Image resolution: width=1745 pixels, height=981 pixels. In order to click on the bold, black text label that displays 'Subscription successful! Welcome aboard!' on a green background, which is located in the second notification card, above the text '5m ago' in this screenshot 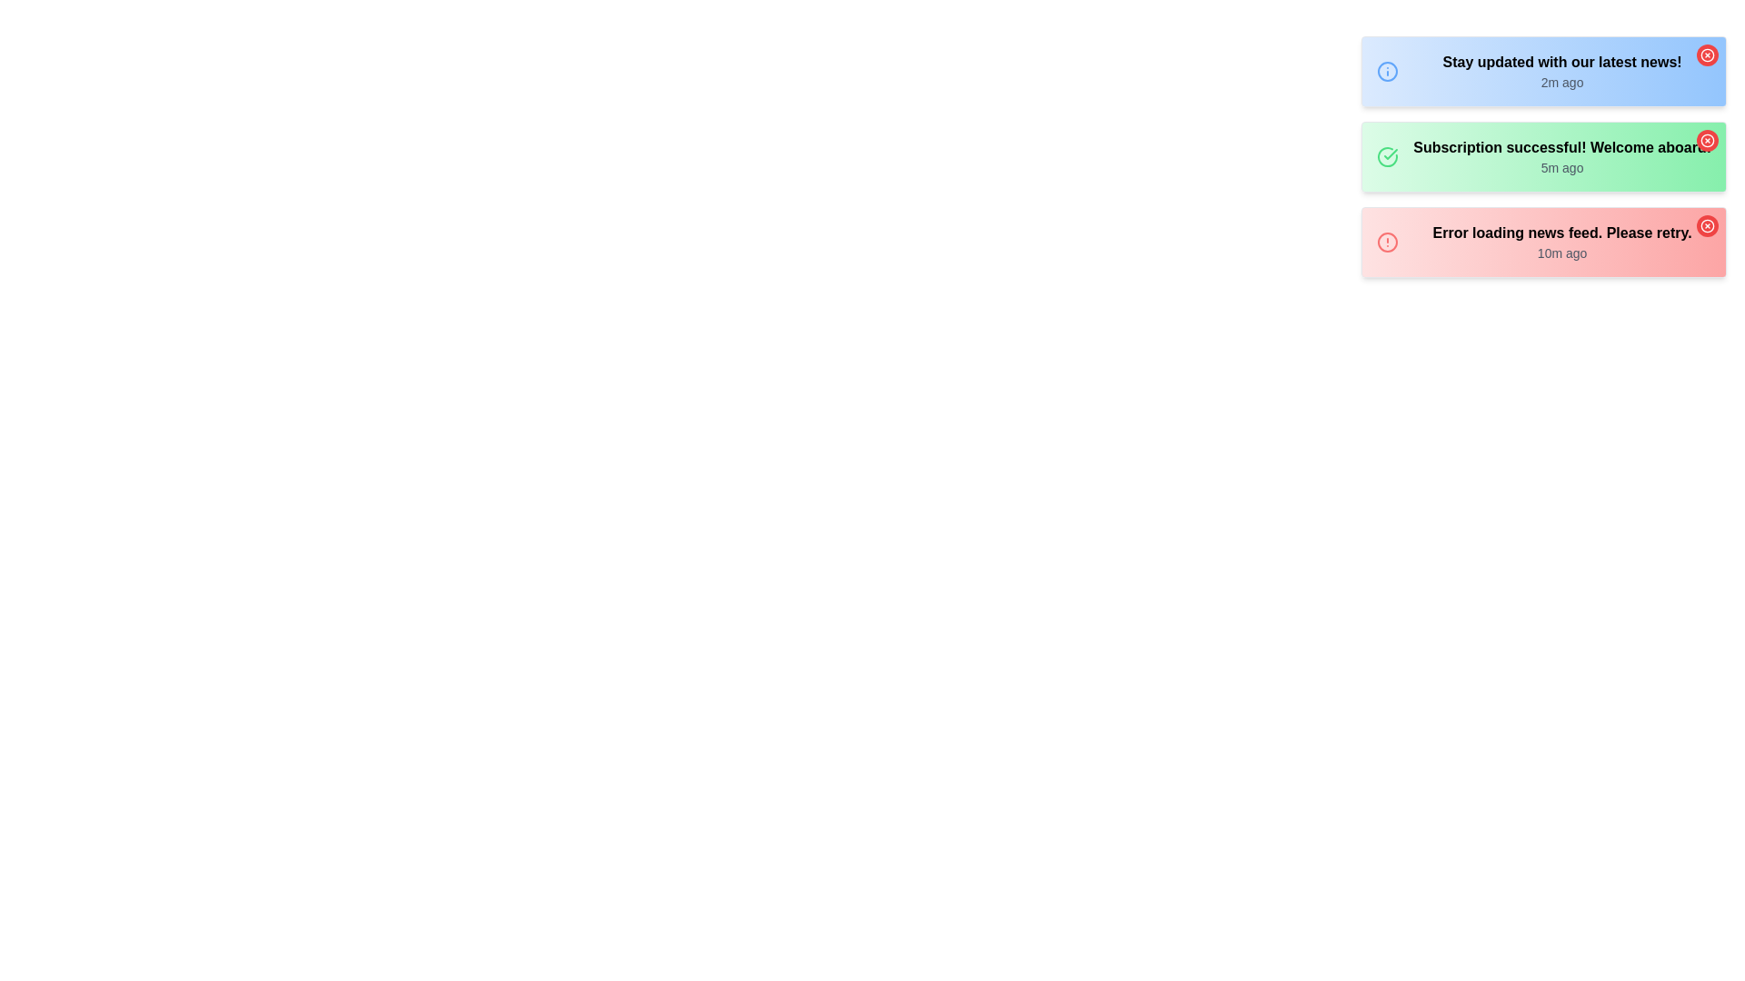, I will do `click(1561, 146)`.